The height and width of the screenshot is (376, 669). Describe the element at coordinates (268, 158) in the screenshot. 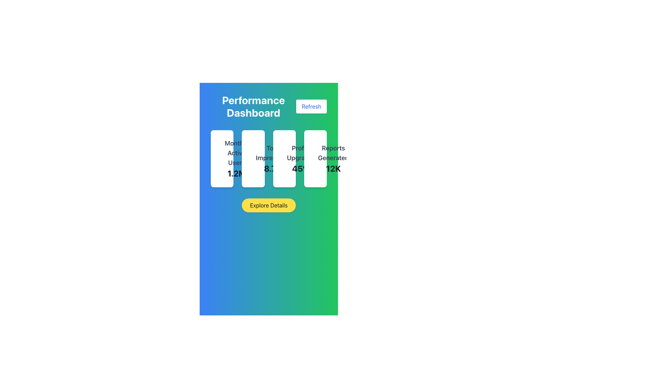

I see `metrics displayed in the grid layout located beneath the 'Performance Dashboard' heading and above the 'Explore Details' button` at that location.